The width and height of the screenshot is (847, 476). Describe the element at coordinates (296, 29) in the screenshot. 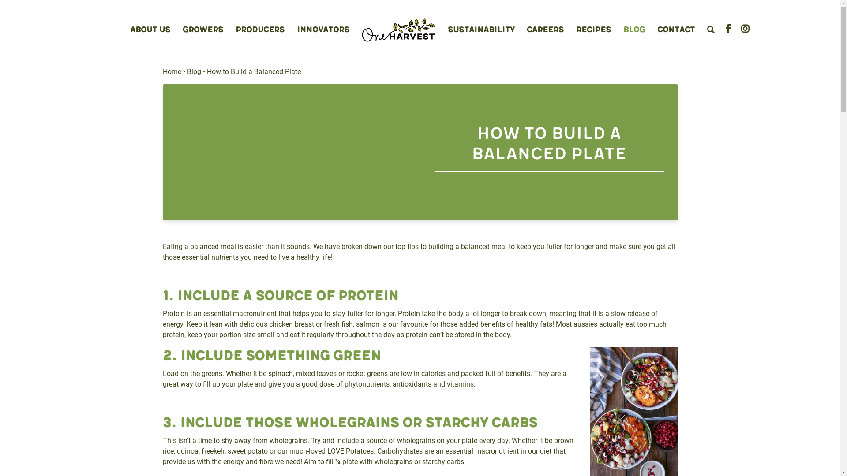

I see `'INNOVATORS'` at that location.